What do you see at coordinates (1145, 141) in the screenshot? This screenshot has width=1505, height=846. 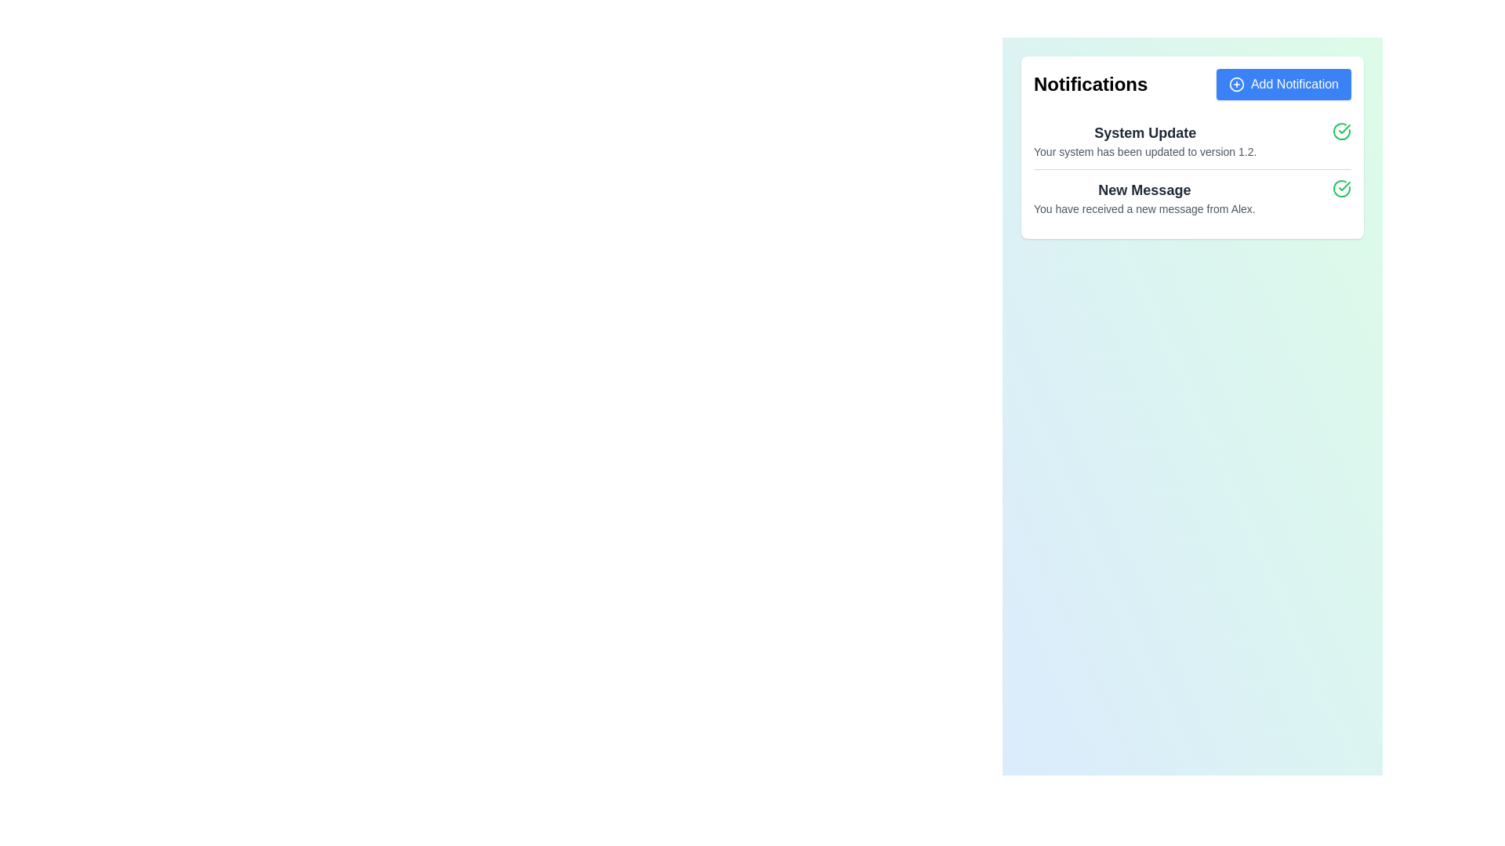 I see `the first notification text block that provides information about a system update, located below the 'Notifications' header and above the 'New Message' notification` at bounding box center [1145, 141].